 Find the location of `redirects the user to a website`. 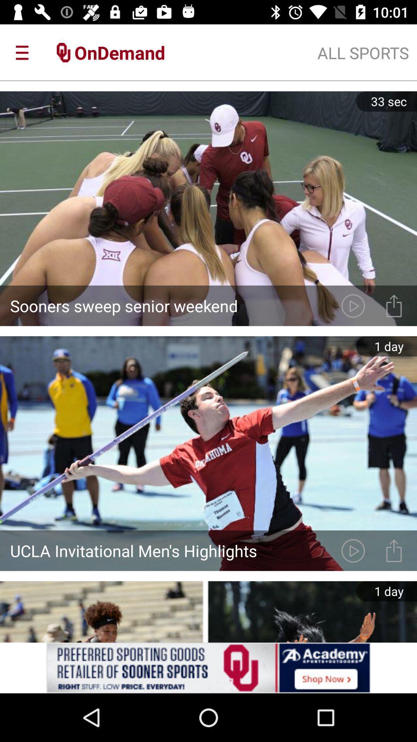

redirects the user to a website is located at coordinates (208, 667).